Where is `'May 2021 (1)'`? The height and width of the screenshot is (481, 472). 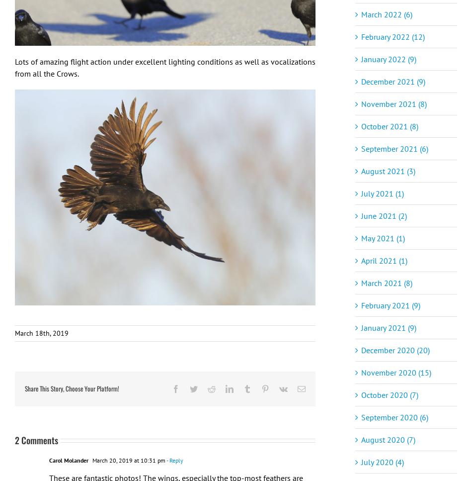
'May 2021 (1)' is located at coordinates (383, 237).